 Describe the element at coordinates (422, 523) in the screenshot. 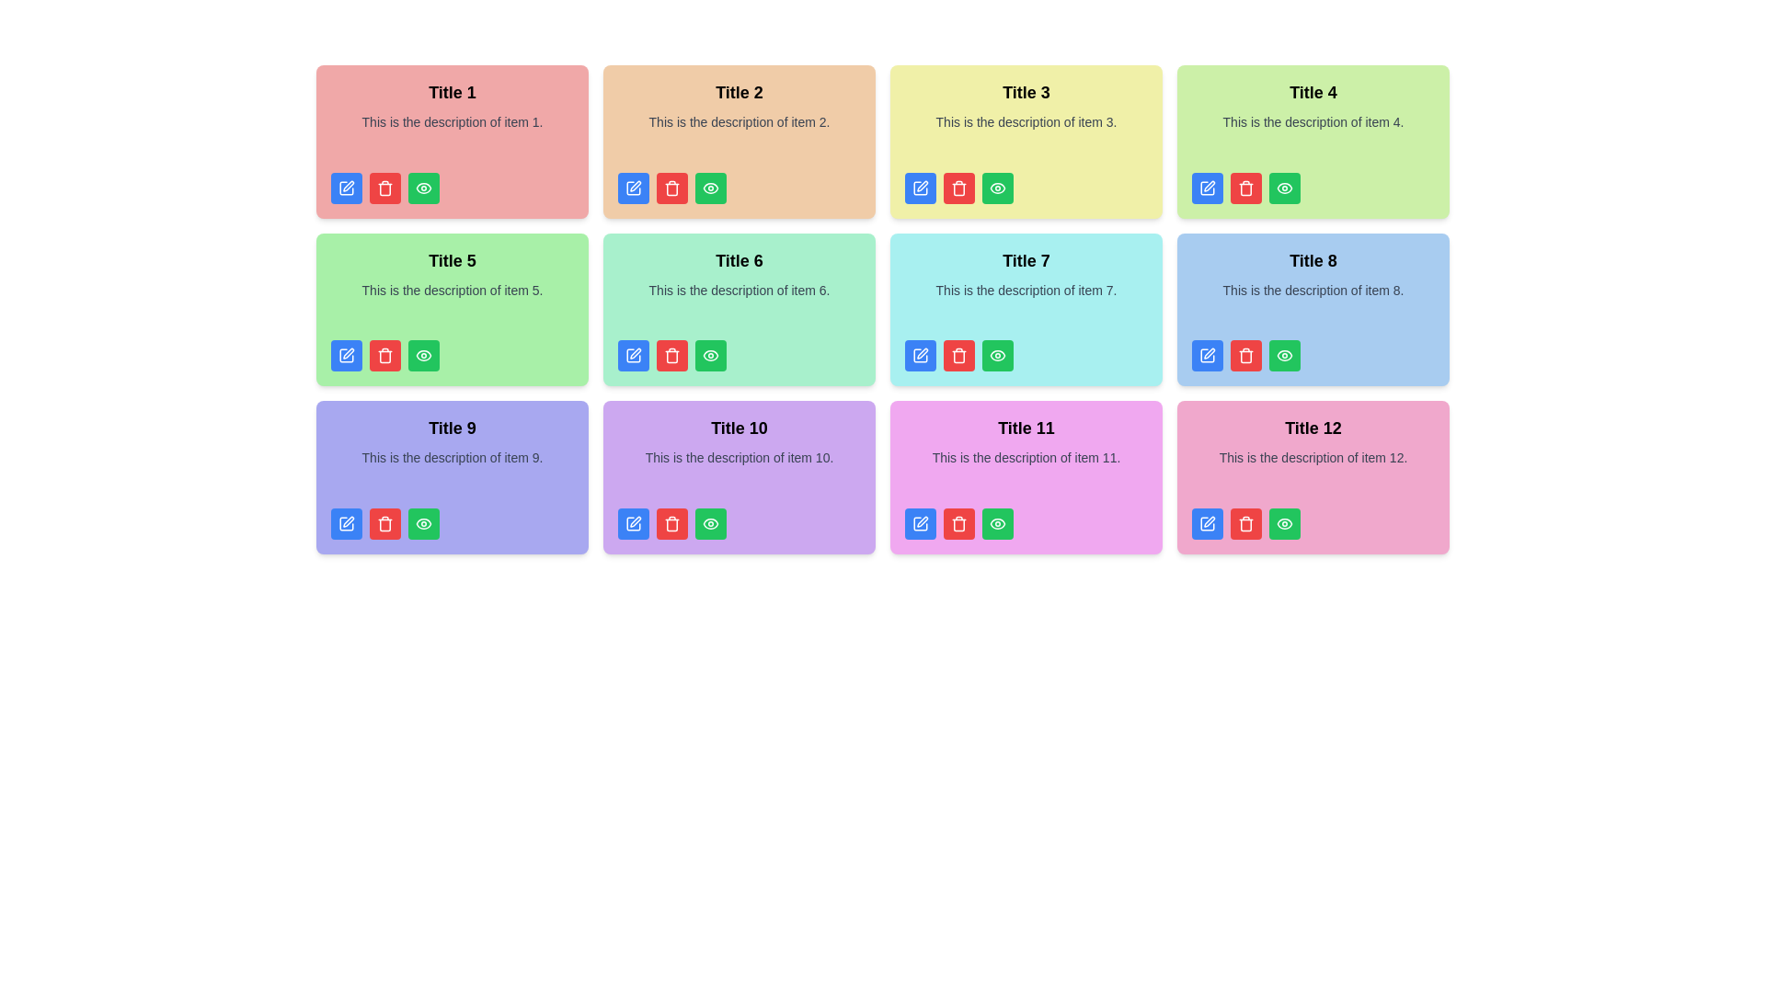

I see `the circular green button with a white eye icon, which is the third button in the row below the card labeled 'Title 9'` at that location.